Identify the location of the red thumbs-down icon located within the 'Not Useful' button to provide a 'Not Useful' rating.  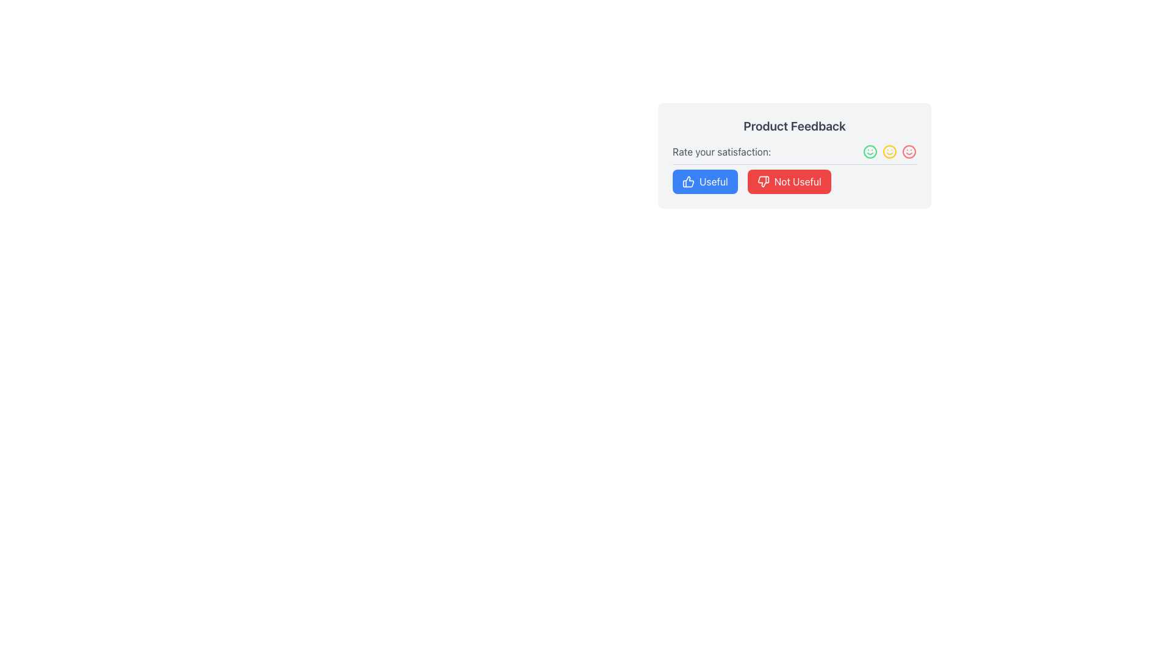
(762, 181).